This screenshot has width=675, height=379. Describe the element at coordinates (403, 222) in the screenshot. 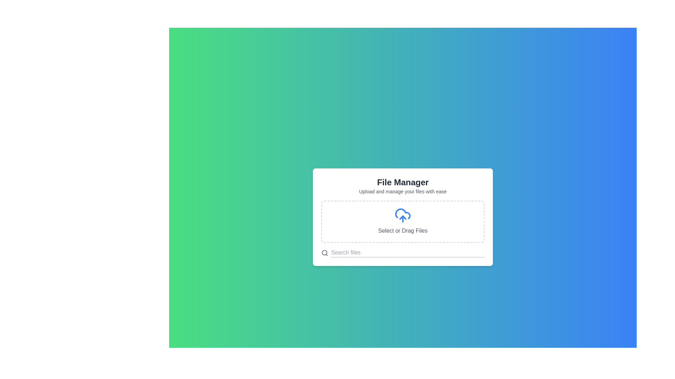

I see `the interactive file input area with a dashed border and a blue cloud upload icon, which is centrally positioned and labeled 'Select or Drag Files', to initiate file selection` at that location.